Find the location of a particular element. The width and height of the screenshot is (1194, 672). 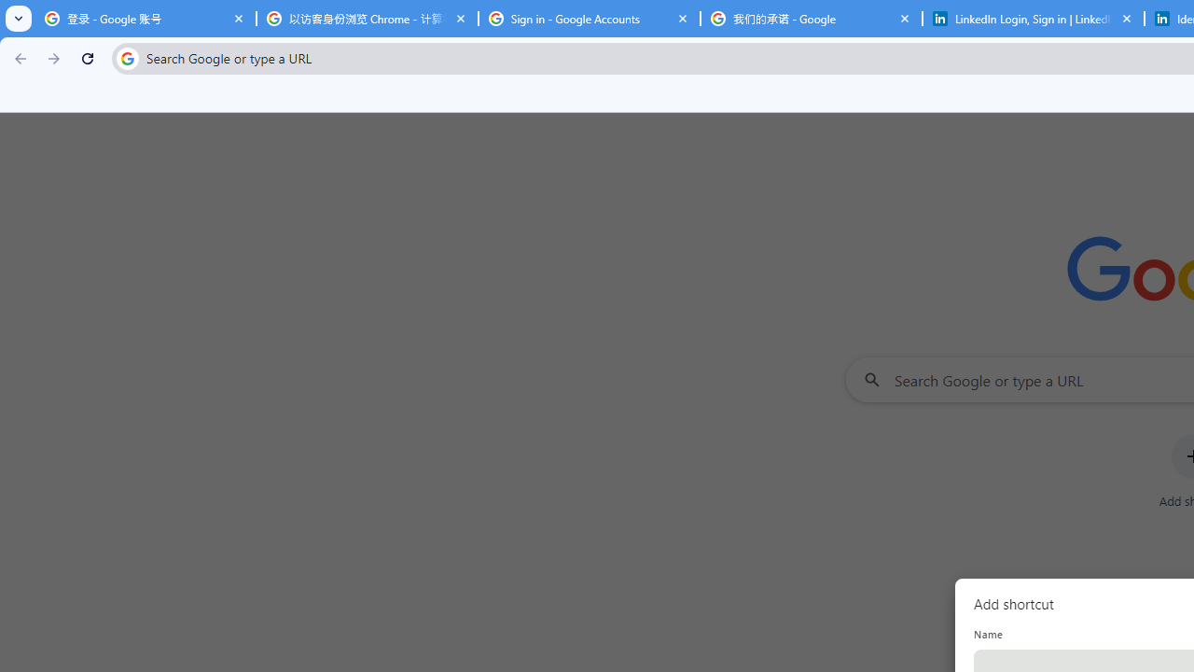

'Sign in - Google Accounts' is located at coordinates (589, 19).